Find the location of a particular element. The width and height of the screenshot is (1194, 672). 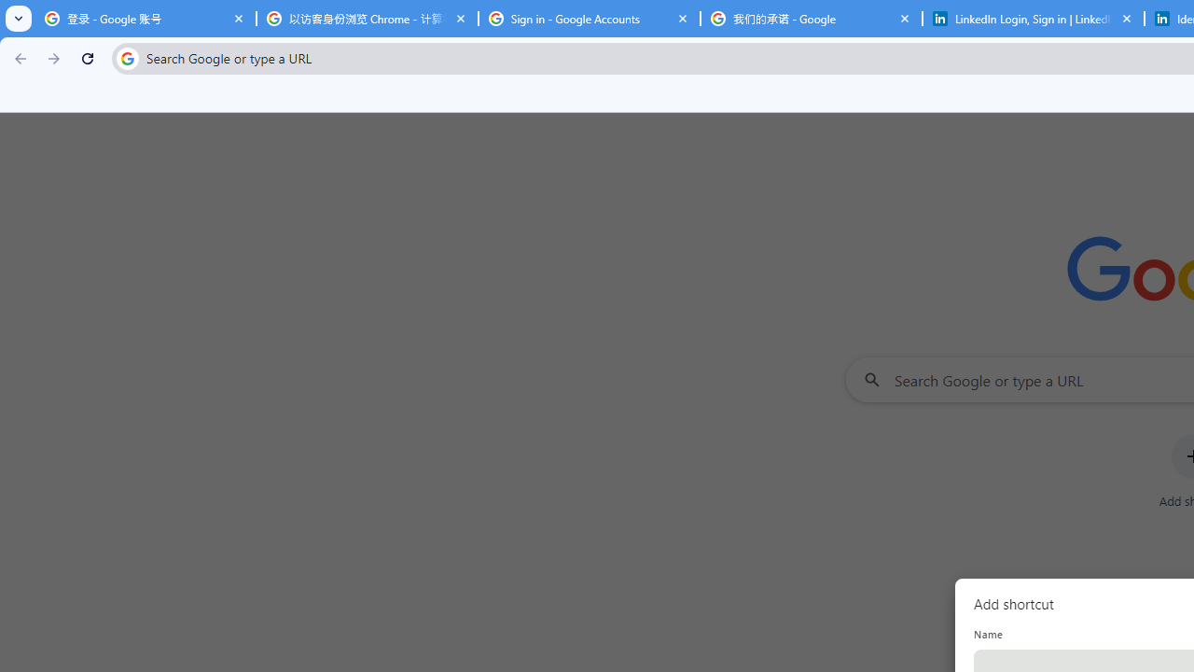

'Sign in - Google Accounts' is located at coordinates (589, 19).